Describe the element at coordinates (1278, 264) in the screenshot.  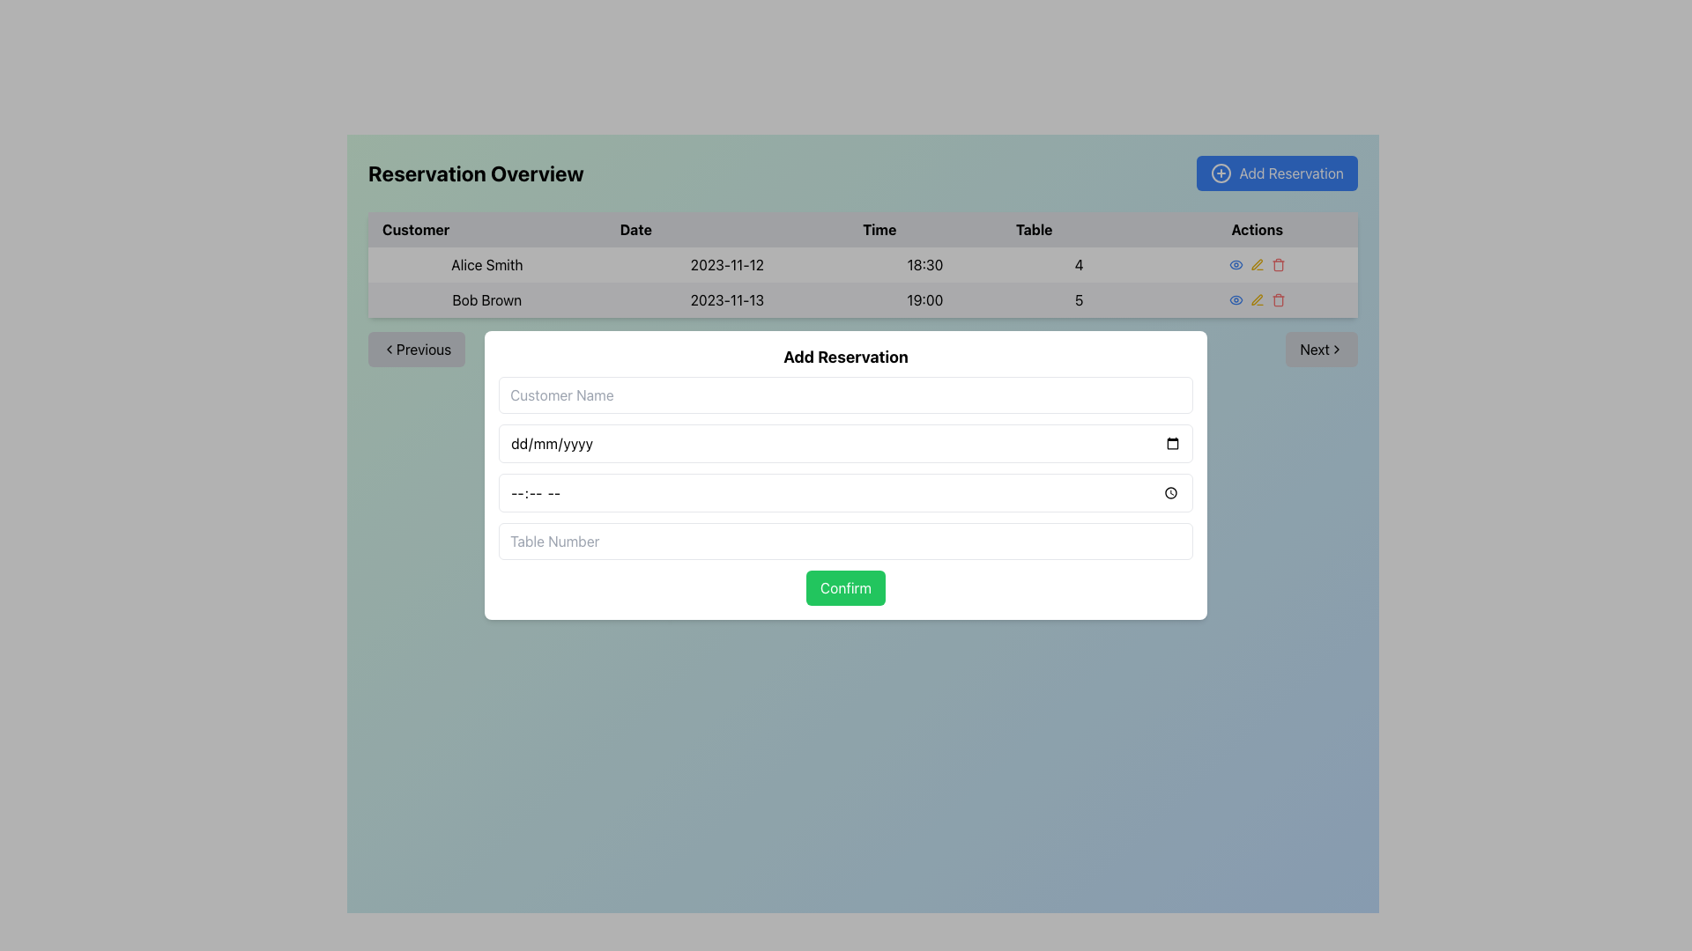
I see `the delete button located in the last column of the first row under the 'Actions' heading` at that location.